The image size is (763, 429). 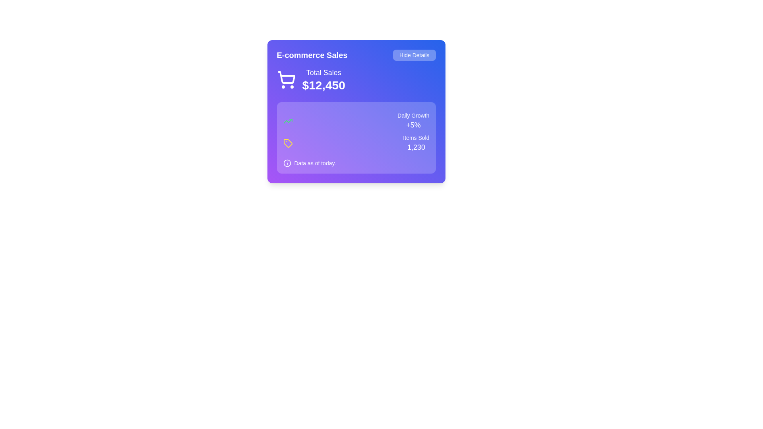 I want to click on the shopping cart icon, which is a white SVG graphic located in the 'E-commerce Sales' section, to the left of 'Total Sales' showing the amount '$12,450', so click(x=286, y=79).